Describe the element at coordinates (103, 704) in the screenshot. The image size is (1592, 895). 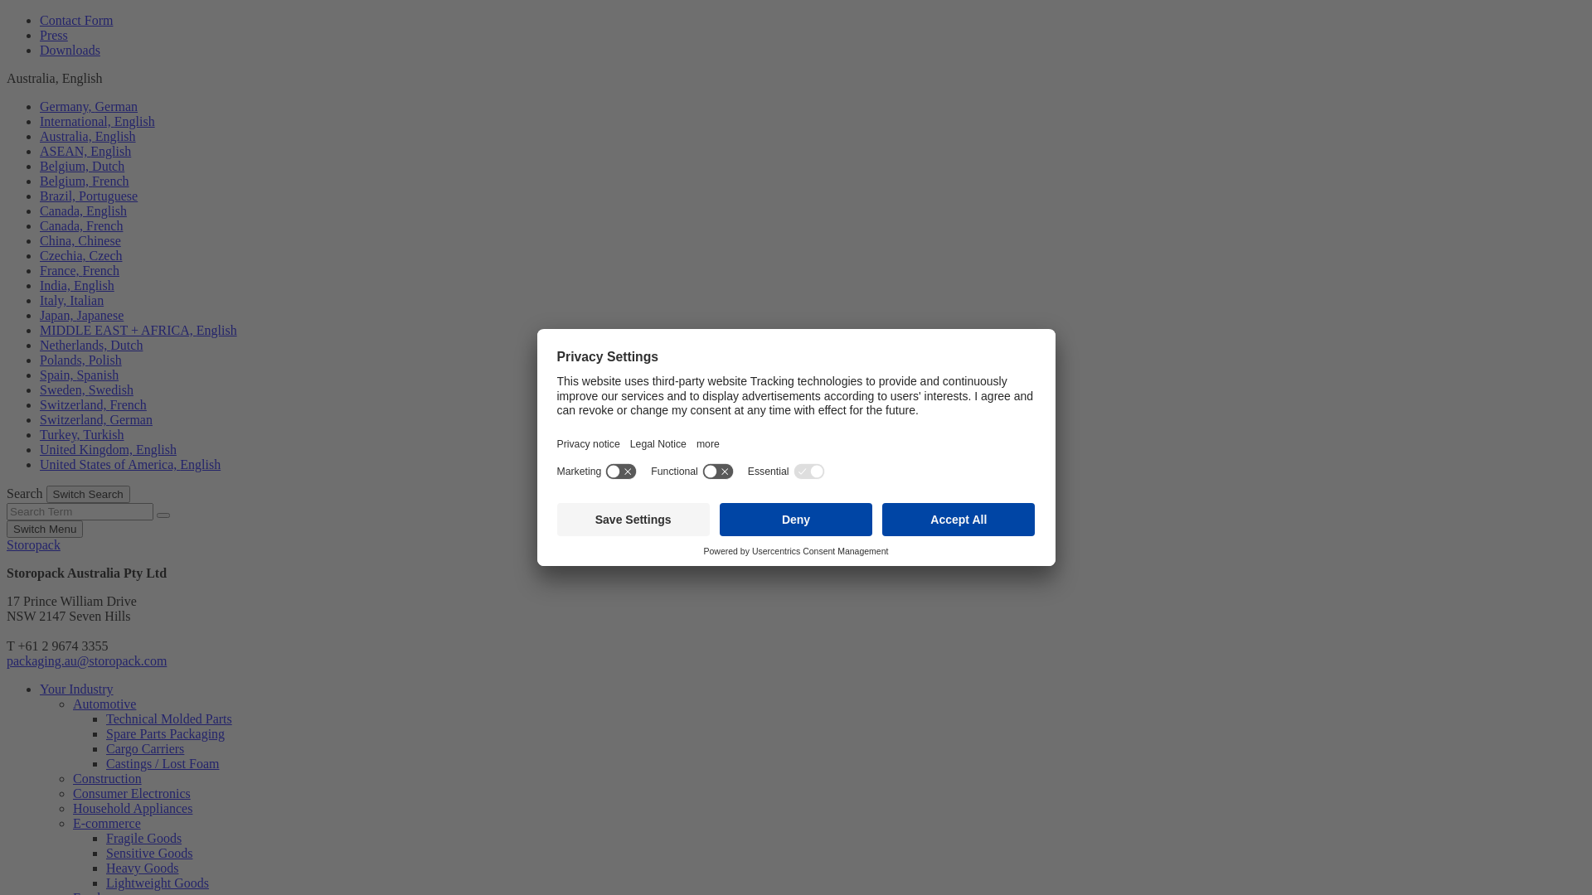
I see `'Automotive'` at that location.